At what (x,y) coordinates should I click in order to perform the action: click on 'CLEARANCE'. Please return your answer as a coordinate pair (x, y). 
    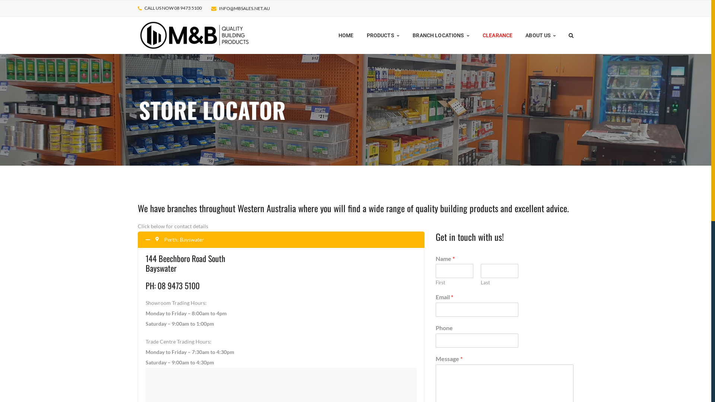
    Looking at the image, I should click on (497, 35).